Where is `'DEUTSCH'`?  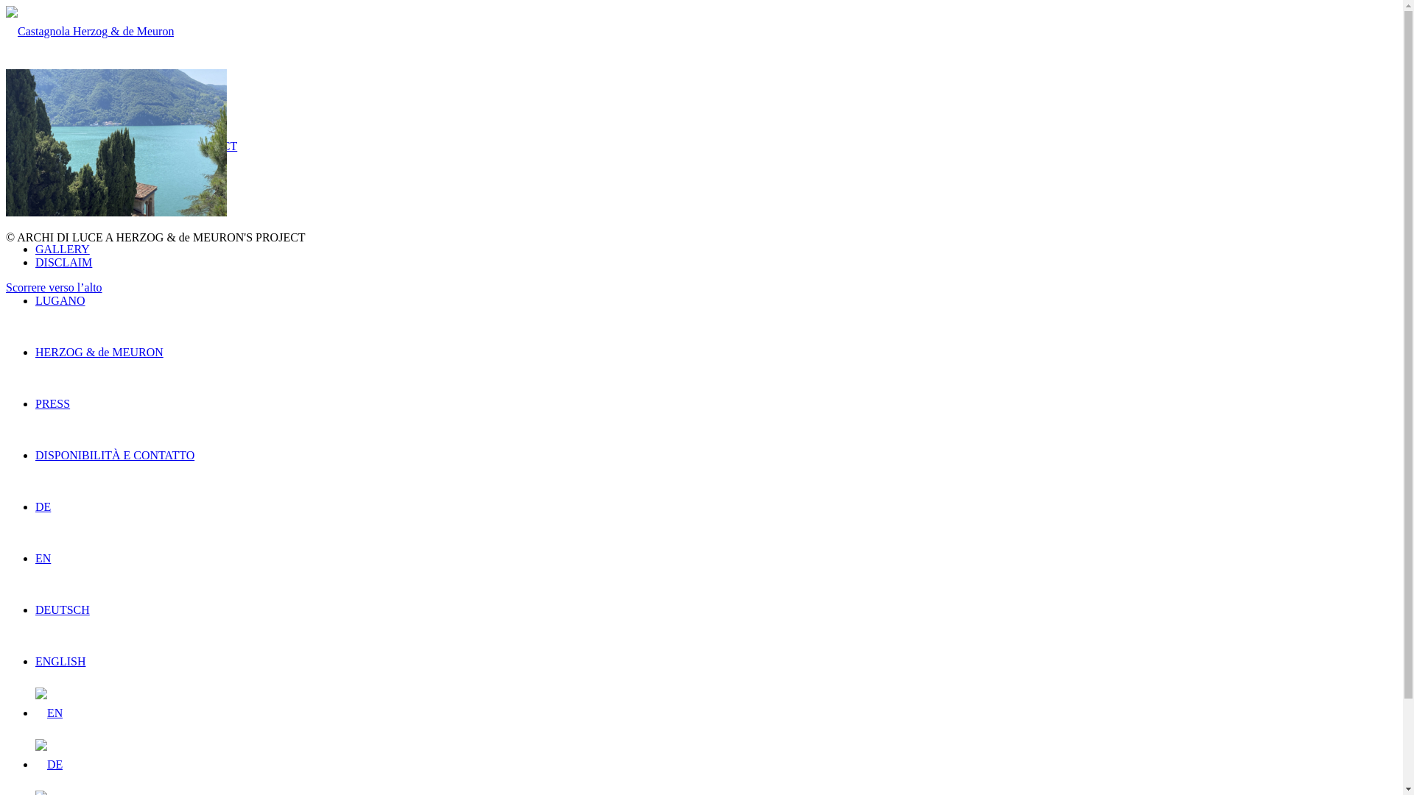 'DEUTSCH' is located at coordinates (35, 609).